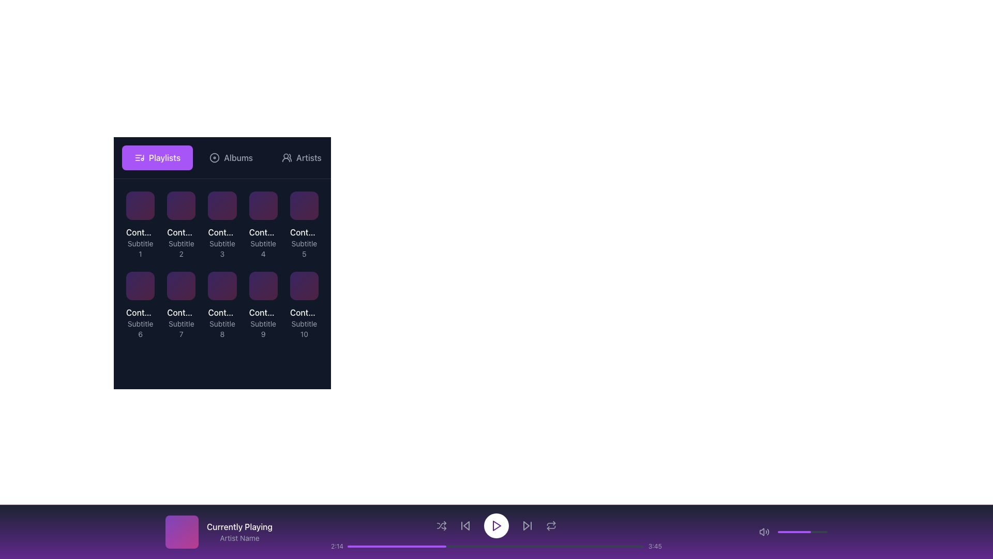 The height and width of the screenshot is (559, 993). Describe the element at coordinates (264, 305) in the screenshot. I see `the Play button icon, which is a rightward-pointing triangle outlined in an SVG image, located in the middle of the ninth item in the grid at the bottom of the main content section to initiate playback` at that location.